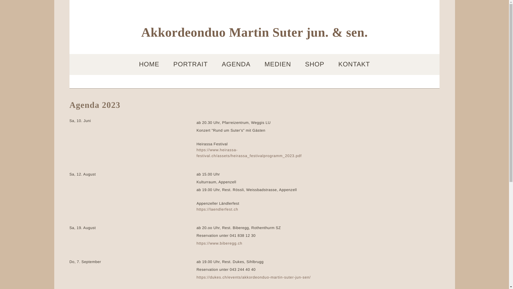  Describe the element at coordinates (217, 209) in the screenshot. I see `'https://laendlerfest.ch'` at that location.